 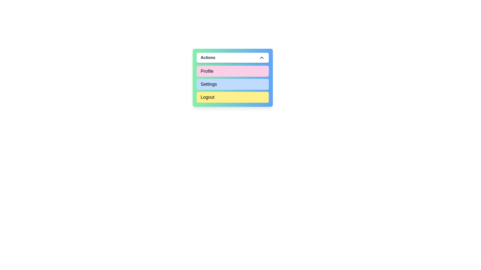 What do you see at coordinates (232, 71) in the screenshot?
I see `the button located at the top of the 'Actions' list` at bounding box center [232, 71].